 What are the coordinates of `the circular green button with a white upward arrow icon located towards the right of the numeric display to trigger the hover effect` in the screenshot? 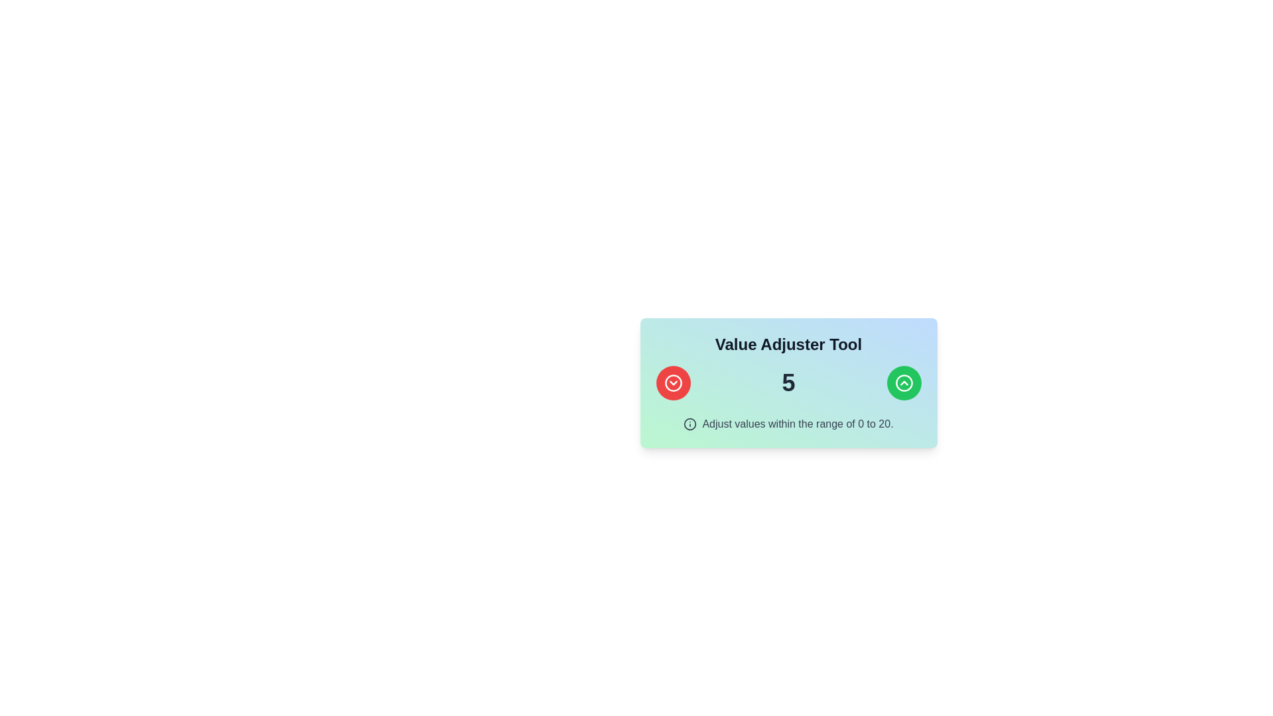 It's located at (903, 383).